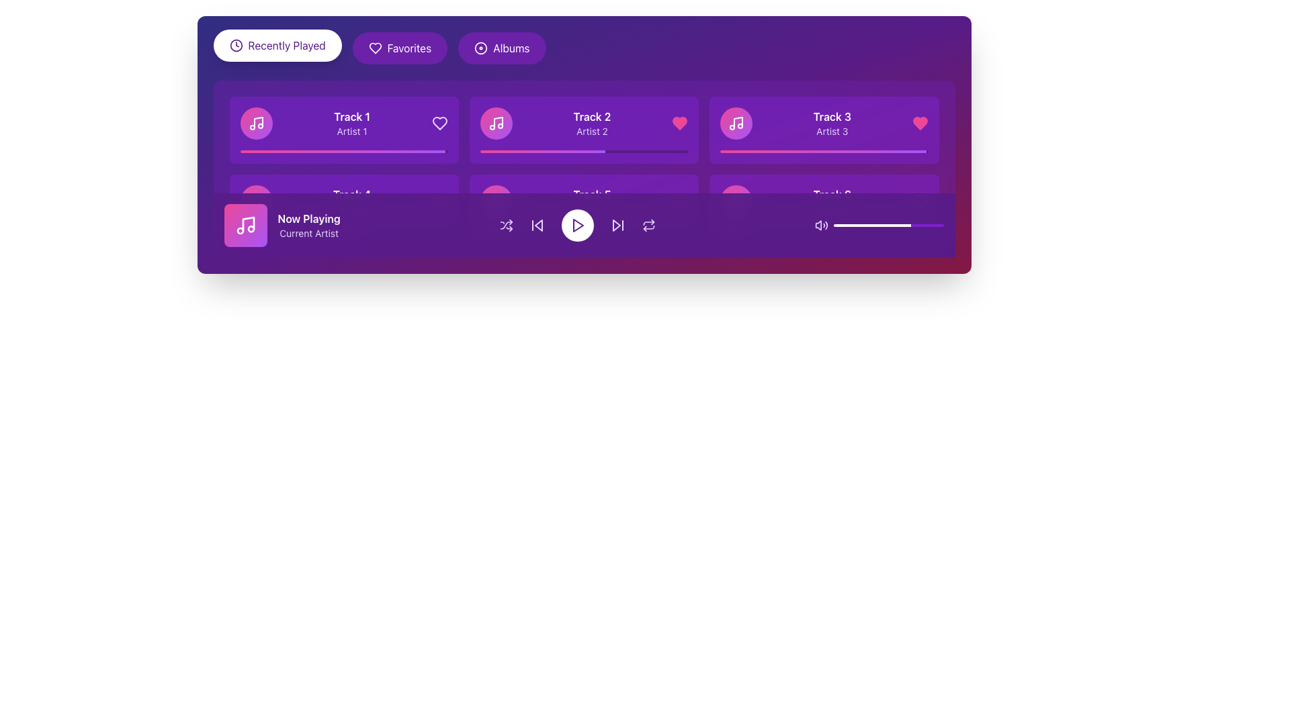 The height and width of the screenshot is (725, 1290). I want to click on the 'Albums' text label in the top navigation area, so click(511, 48).